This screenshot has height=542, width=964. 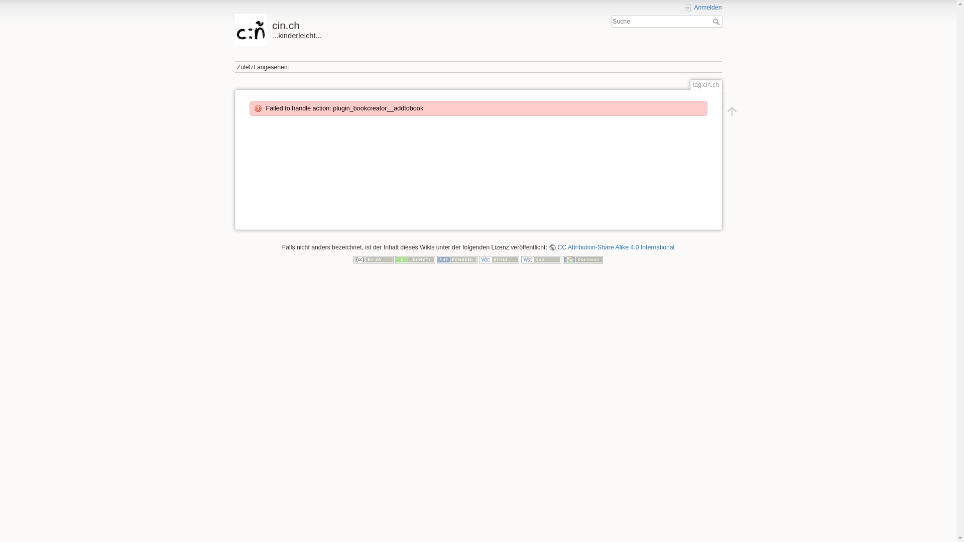 I want to click on 'Valid CSS', so click(x=541, y=258).